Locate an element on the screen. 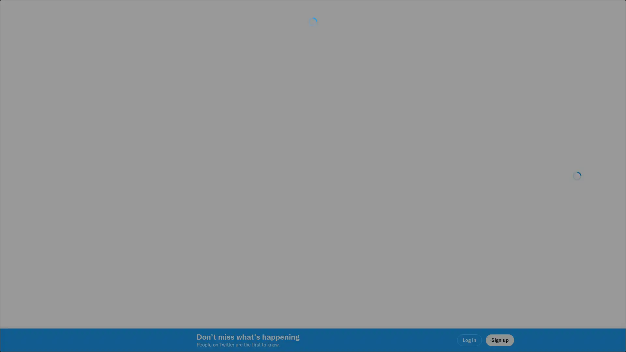 The image size is (626, 352). Sign up is located at coordinates (235, 222).